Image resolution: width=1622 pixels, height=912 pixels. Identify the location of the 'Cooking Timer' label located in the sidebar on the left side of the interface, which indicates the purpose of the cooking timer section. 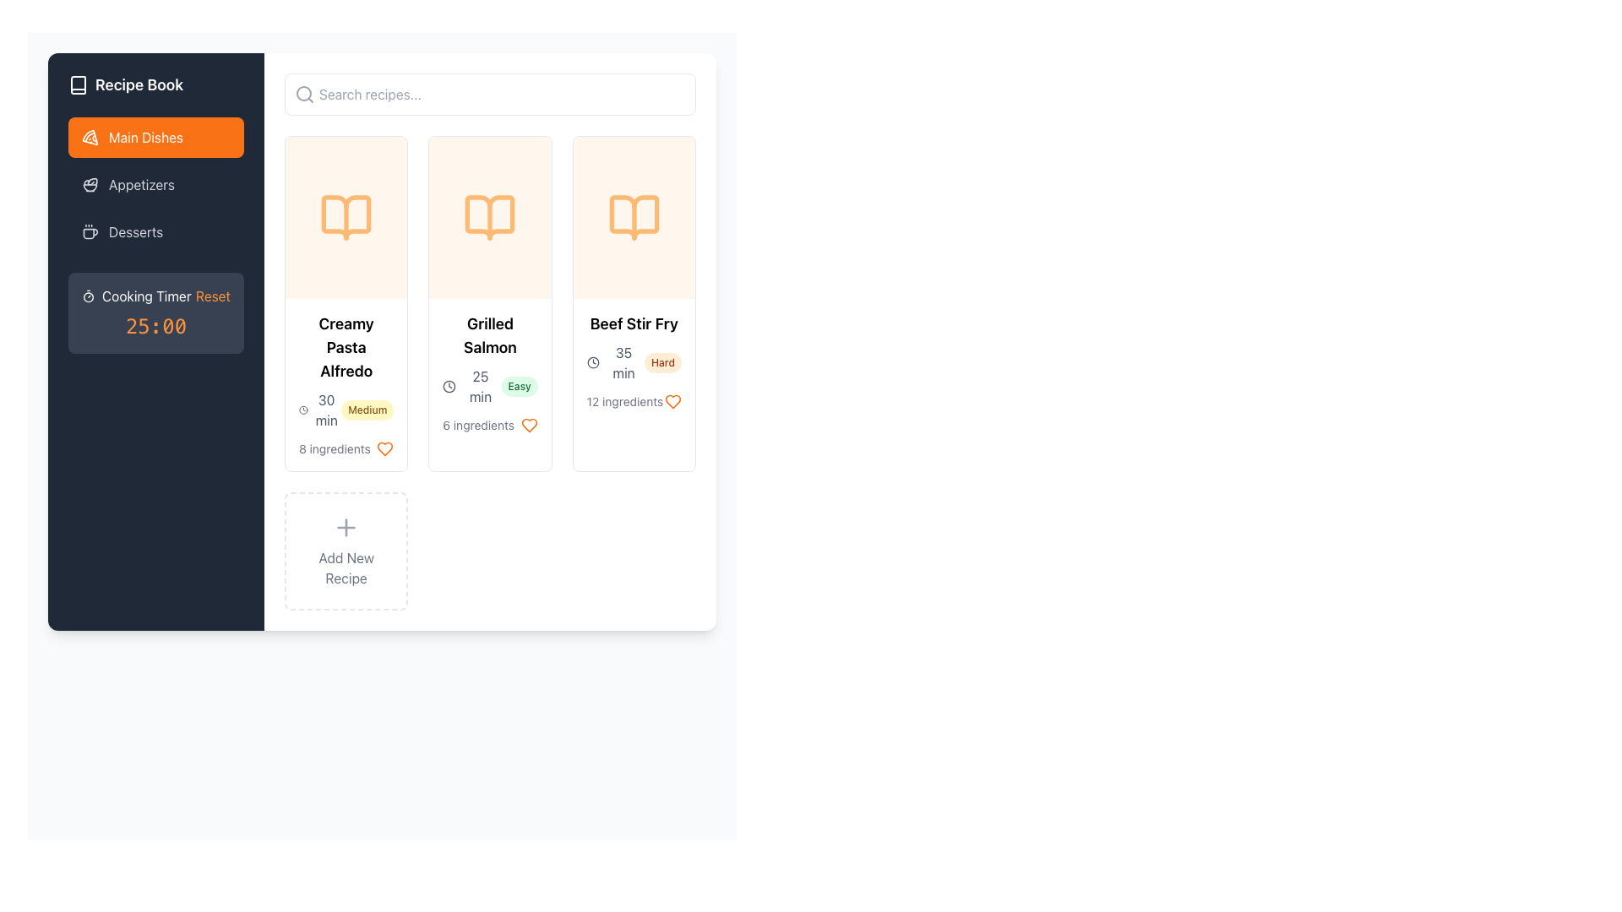
(136, 296).